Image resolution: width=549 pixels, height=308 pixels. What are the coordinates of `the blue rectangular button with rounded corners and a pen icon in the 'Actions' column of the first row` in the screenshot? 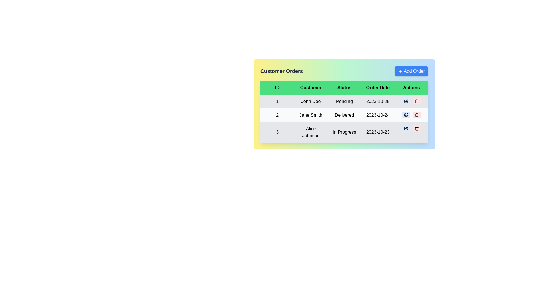 It's located at (406, 101).